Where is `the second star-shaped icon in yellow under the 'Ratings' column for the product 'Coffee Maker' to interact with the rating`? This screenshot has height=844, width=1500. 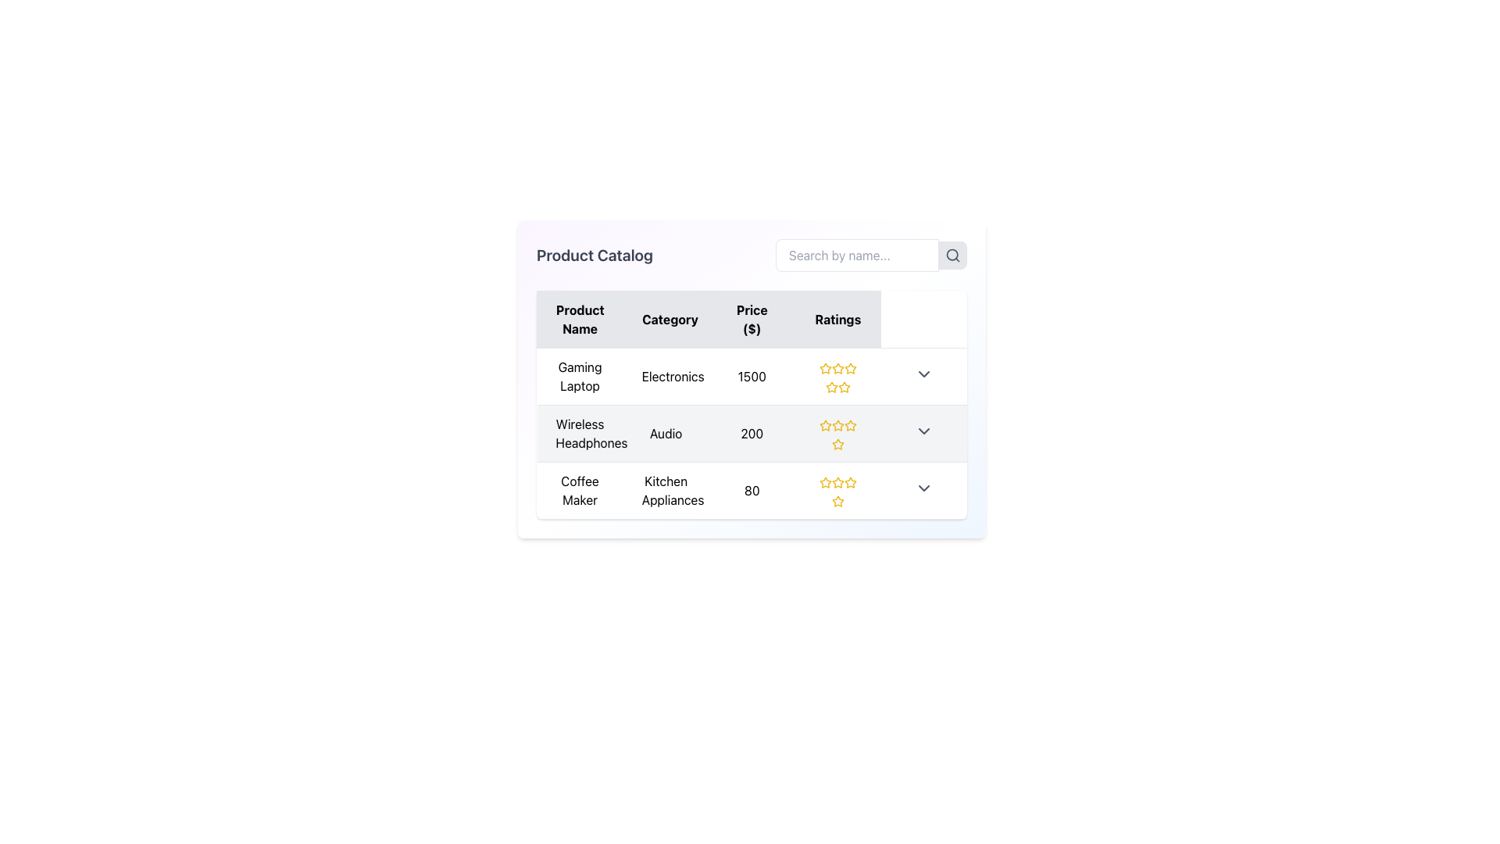
the second star-shaped icon in yellow under the 'Ratings' column for the product 'Coffee Maker' to interact with the rating is located at coordinates (837, 501).